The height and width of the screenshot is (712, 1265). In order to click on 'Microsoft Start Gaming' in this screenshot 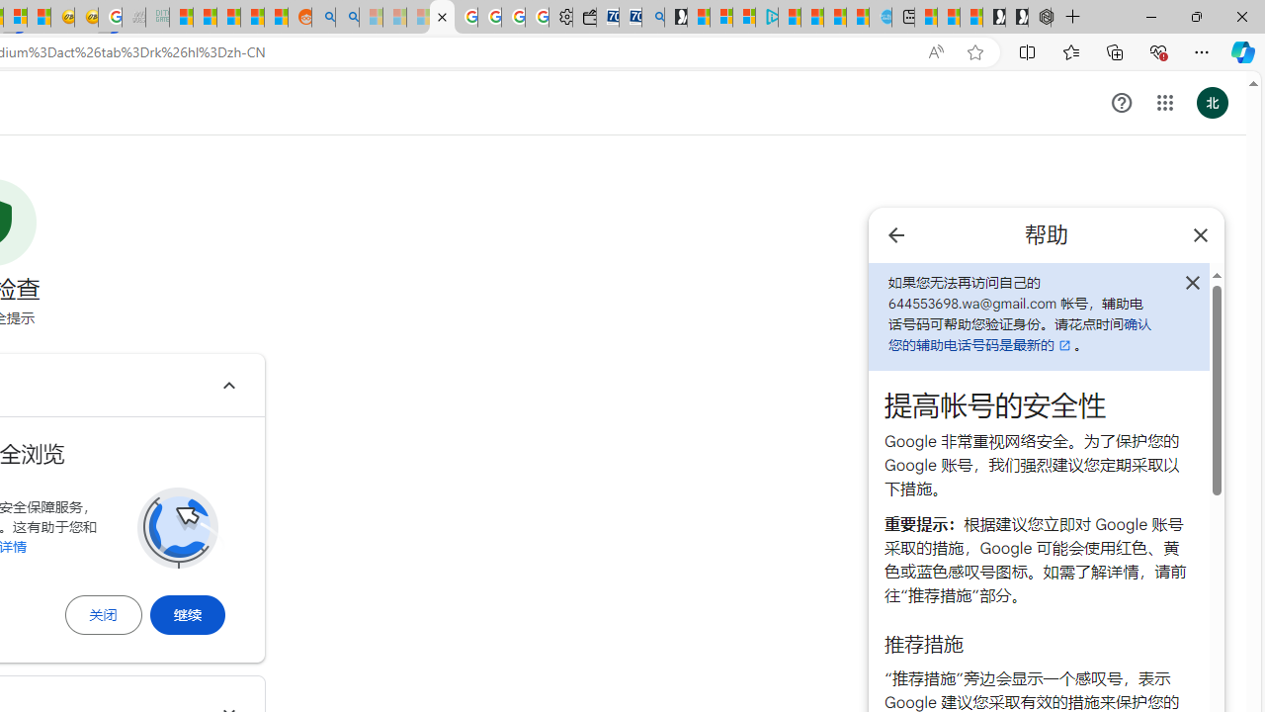, I will do `click(676, 17)`.